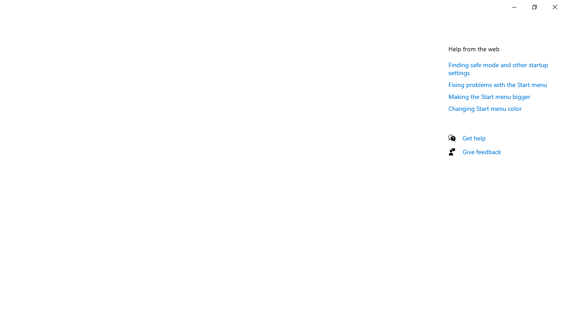  Describe the element at coordinates (554, 7) in the screenshot. I see `'Close Settings'` at that location.